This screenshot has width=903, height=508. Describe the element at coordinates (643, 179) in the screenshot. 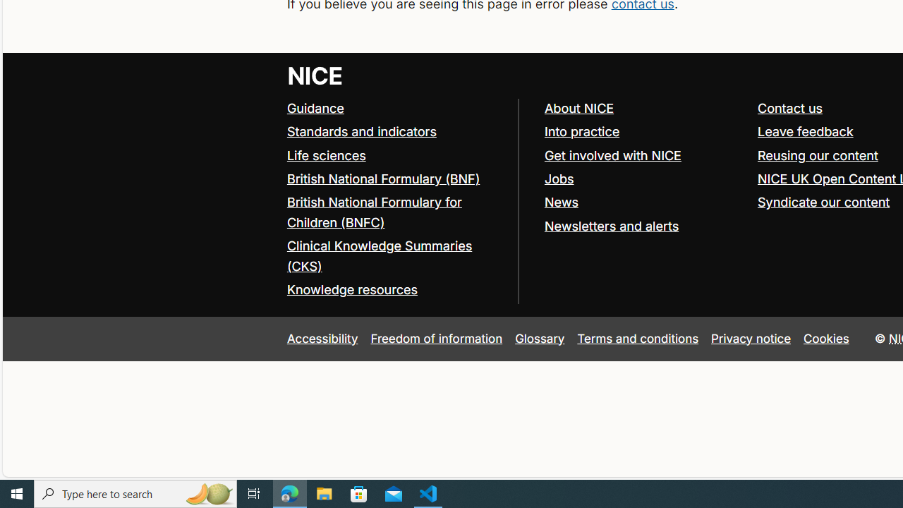

I see `'Jobs'` at that location.